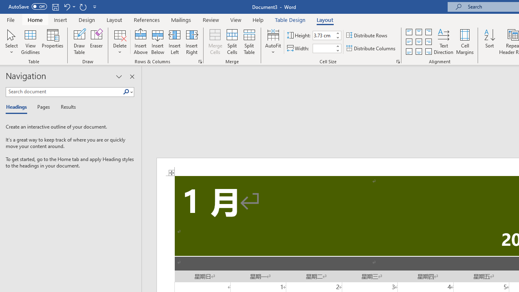 The image size is (519, 292). I want to click on 'Align Bottom Right', so click(428, 52).